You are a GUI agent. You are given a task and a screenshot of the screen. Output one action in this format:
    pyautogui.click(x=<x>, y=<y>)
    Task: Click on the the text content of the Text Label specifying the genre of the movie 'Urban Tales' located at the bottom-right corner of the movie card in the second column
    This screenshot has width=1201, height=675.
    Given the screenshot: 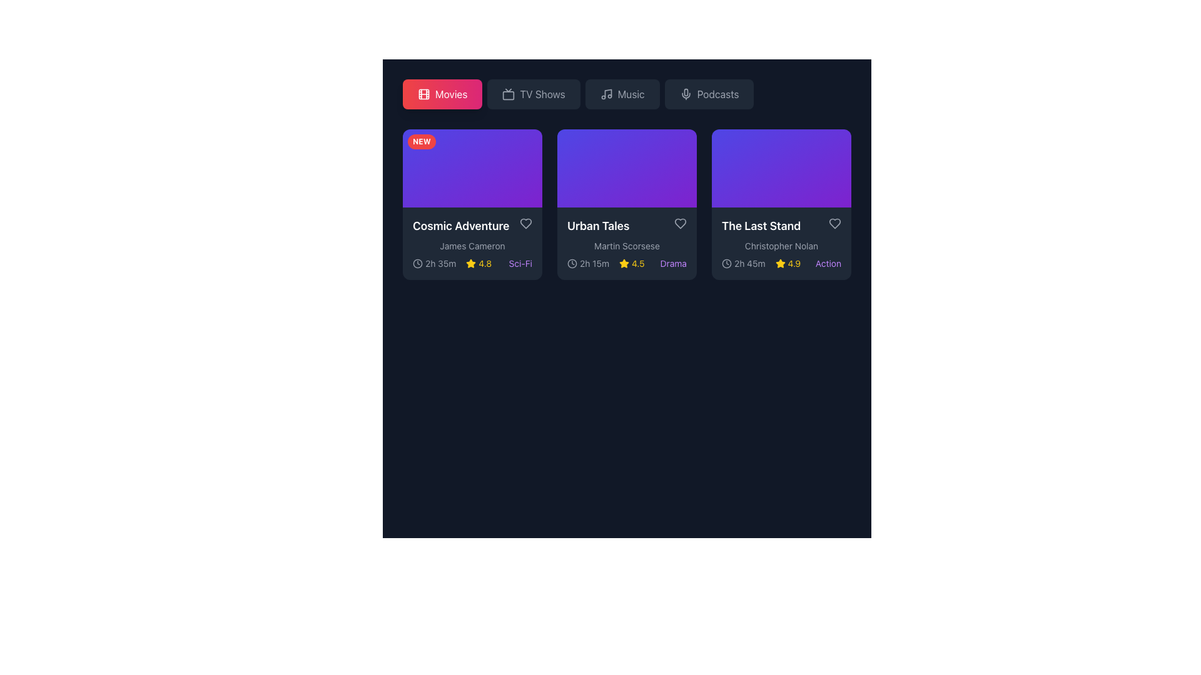 What is the action you would take?
    pyautogui.click(x=672, y=263)
    